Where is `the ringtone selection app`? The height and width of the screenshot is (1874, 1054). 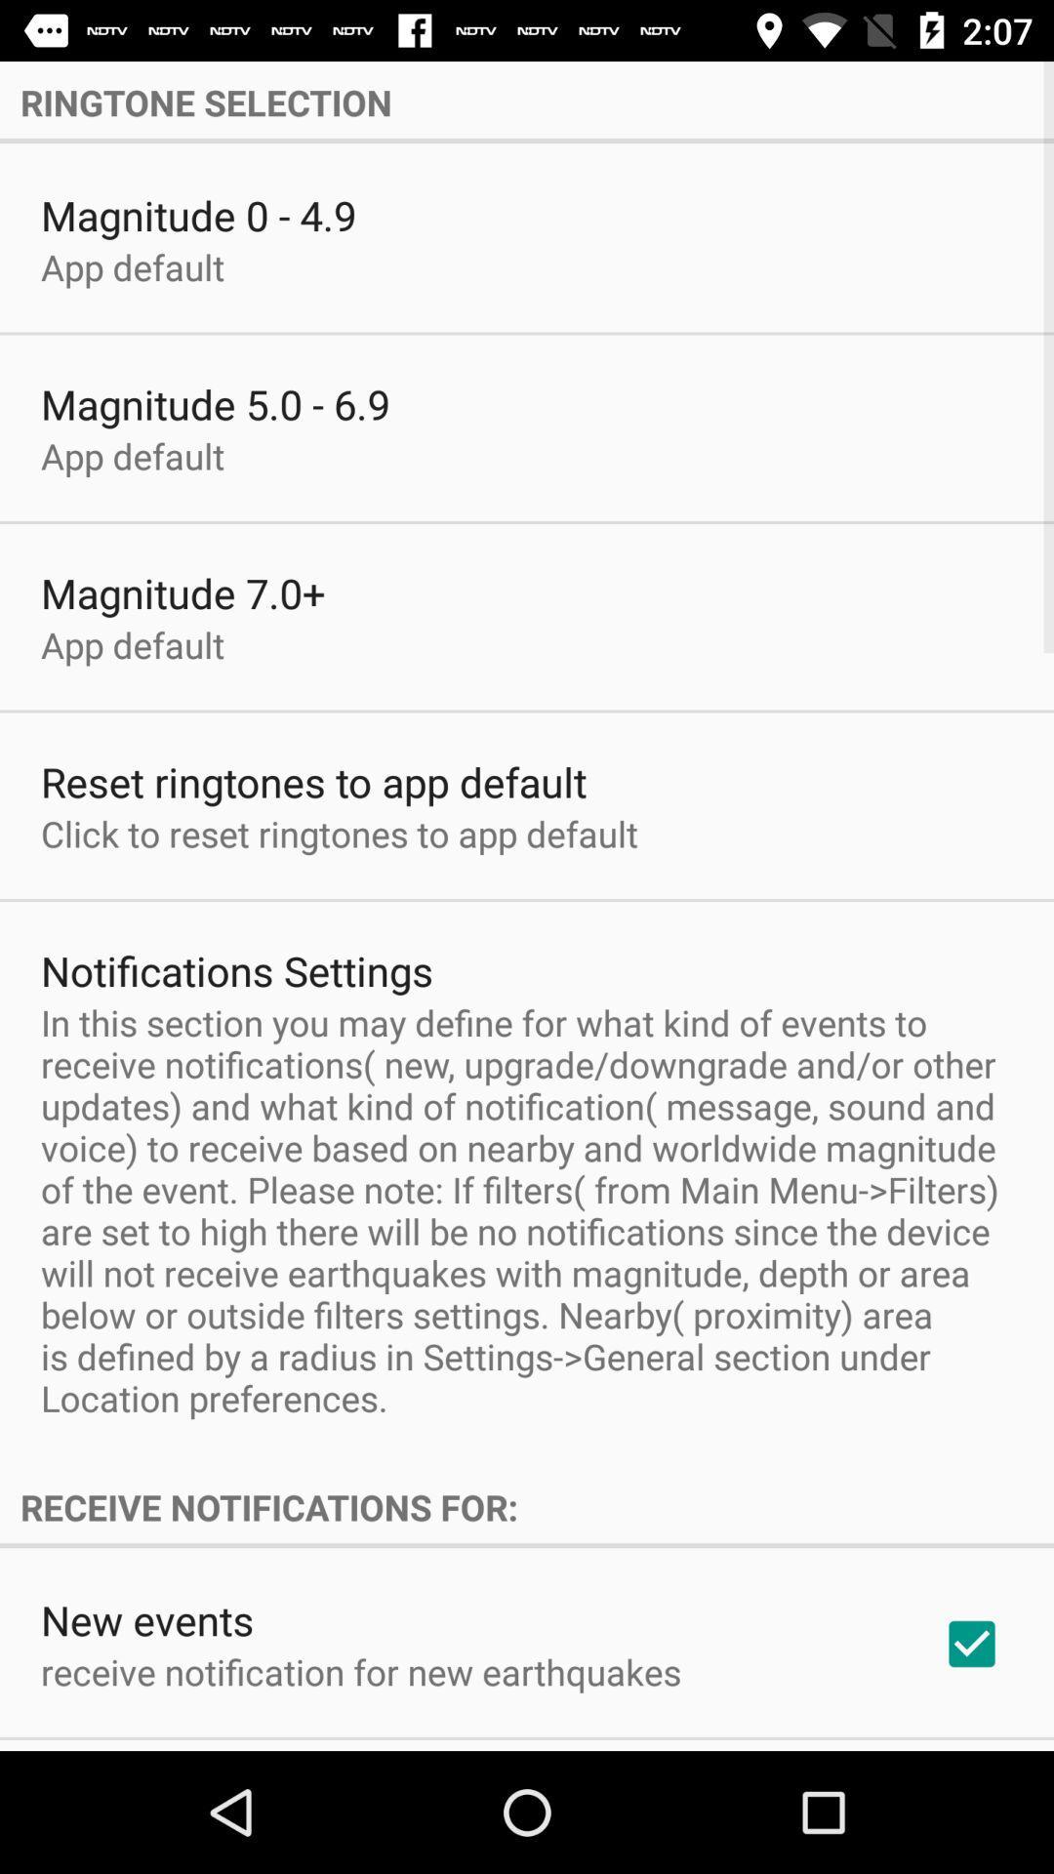
the ringtone selection app is located at coordinates (527, 102).